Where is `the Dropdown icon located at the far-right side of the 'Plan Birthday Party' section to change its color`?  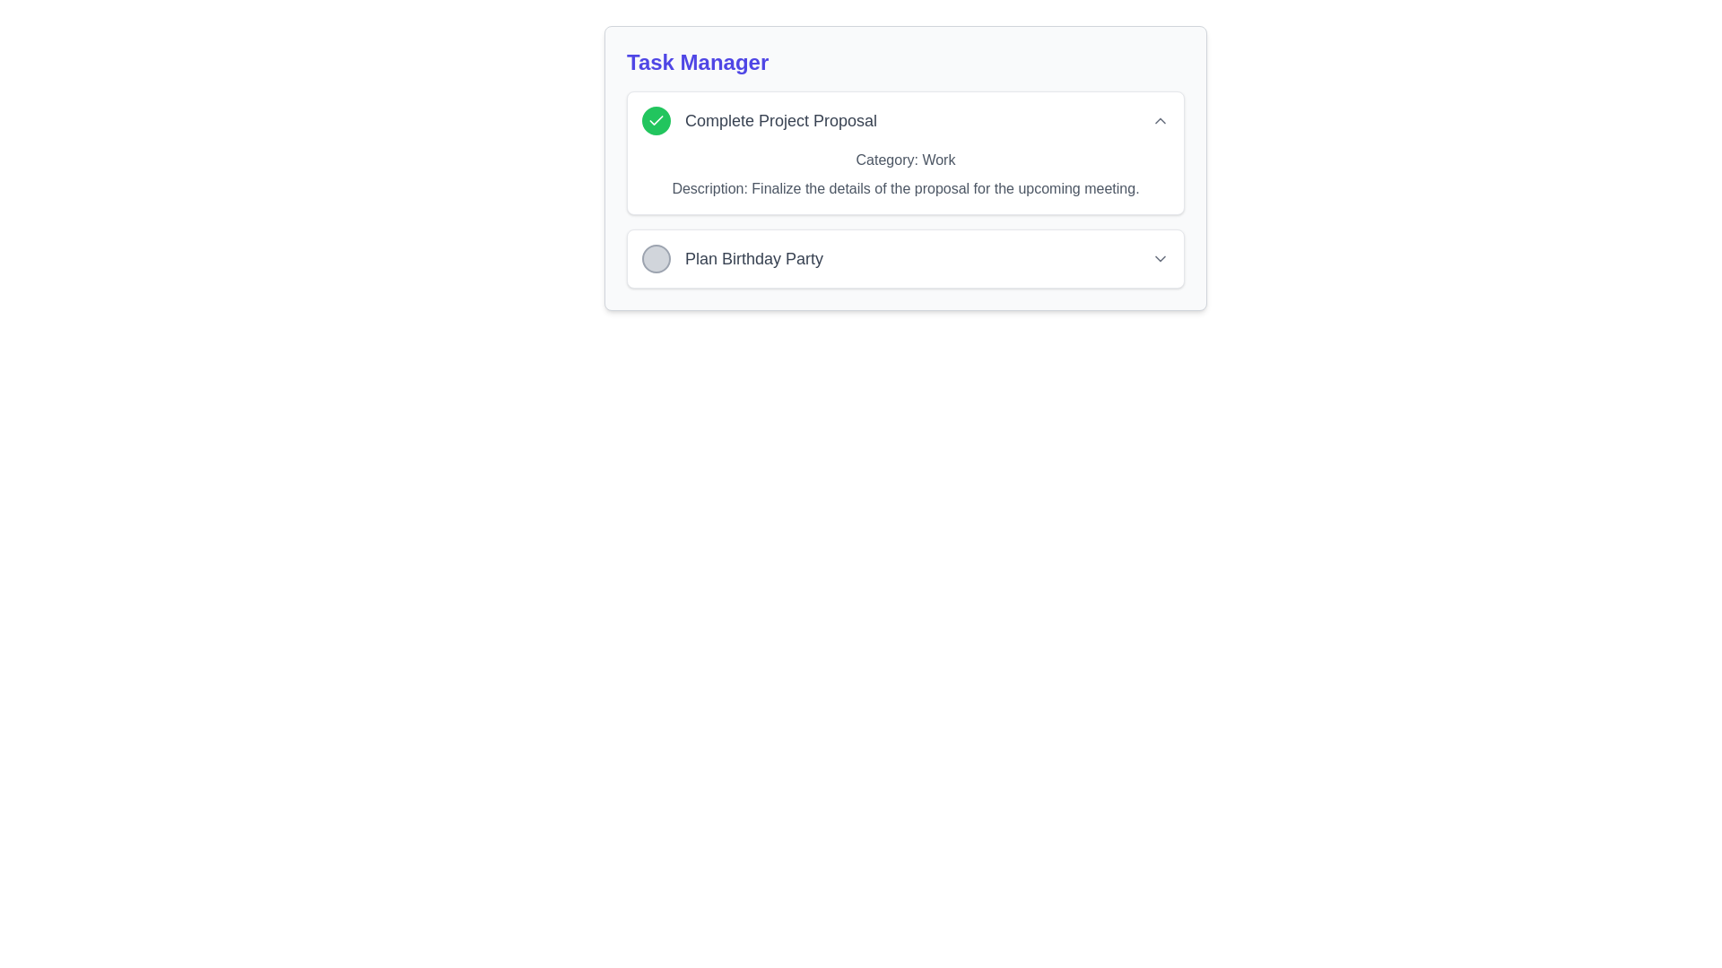 the Dropdown icon located at the far-right side of the 'Plan Birthday Party' section to change its color is located at coordinates (1161, 259).